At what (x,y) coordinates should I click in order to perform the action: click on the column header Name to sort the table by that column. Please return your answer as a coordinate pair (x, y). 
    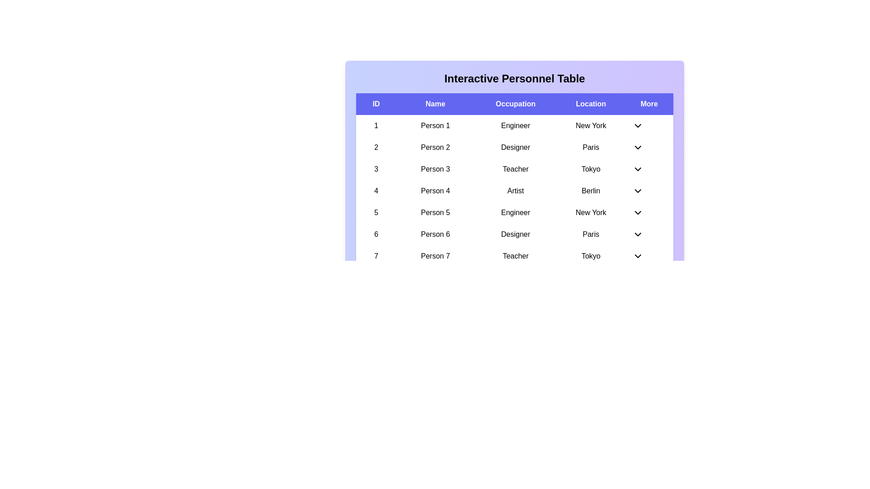
    Looking at the image, I should click on (435, 104).